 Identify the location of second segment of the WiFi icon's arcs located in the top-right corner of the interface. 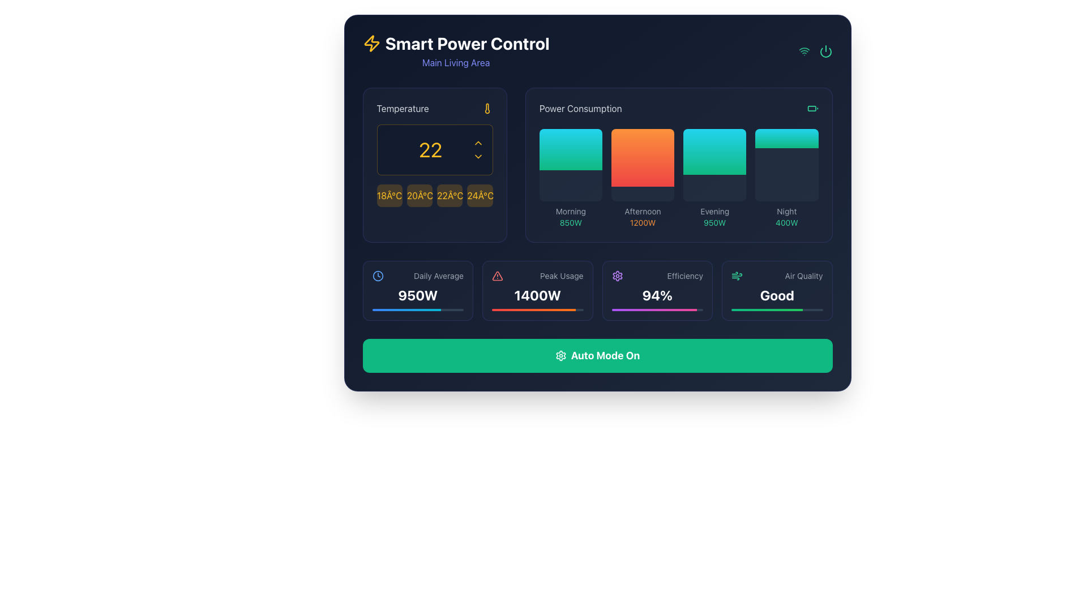
(803, 48).